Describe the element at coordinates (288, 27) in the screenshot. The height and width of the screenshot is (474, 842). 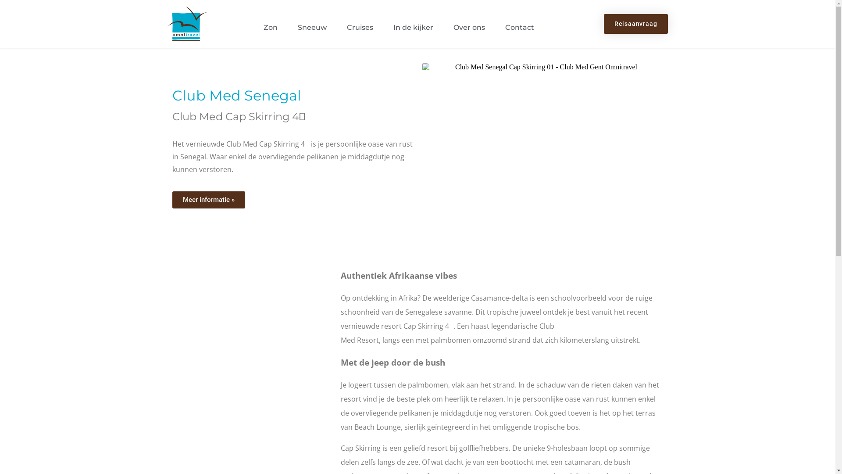
I see `'Sneeuw'` at that location.